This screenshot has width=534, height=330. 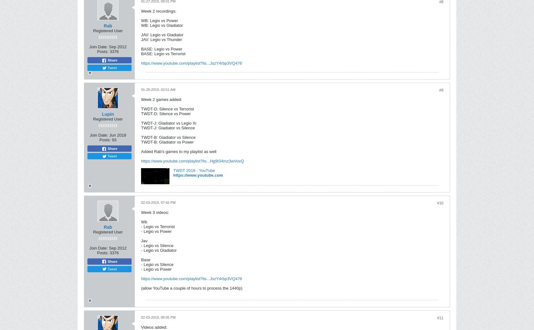 I want to click on '#10', so click(x=440, y=203).